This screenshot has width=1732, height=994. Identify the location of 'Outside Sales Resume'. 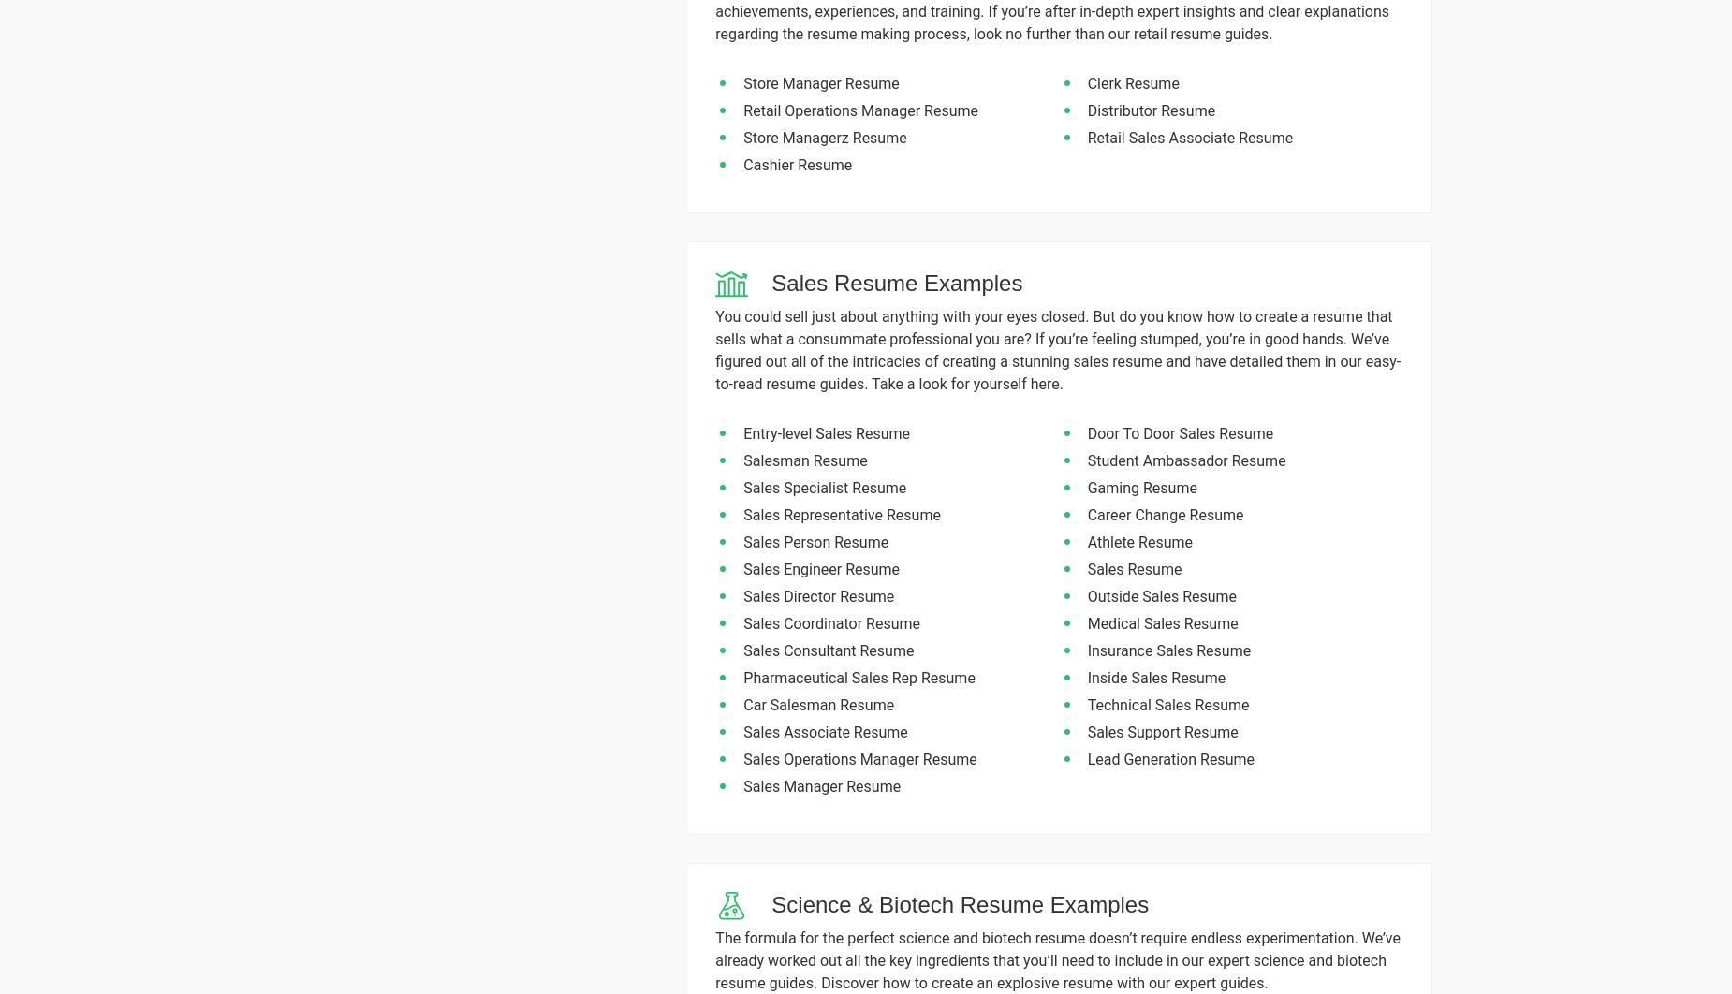
(1160, 596).